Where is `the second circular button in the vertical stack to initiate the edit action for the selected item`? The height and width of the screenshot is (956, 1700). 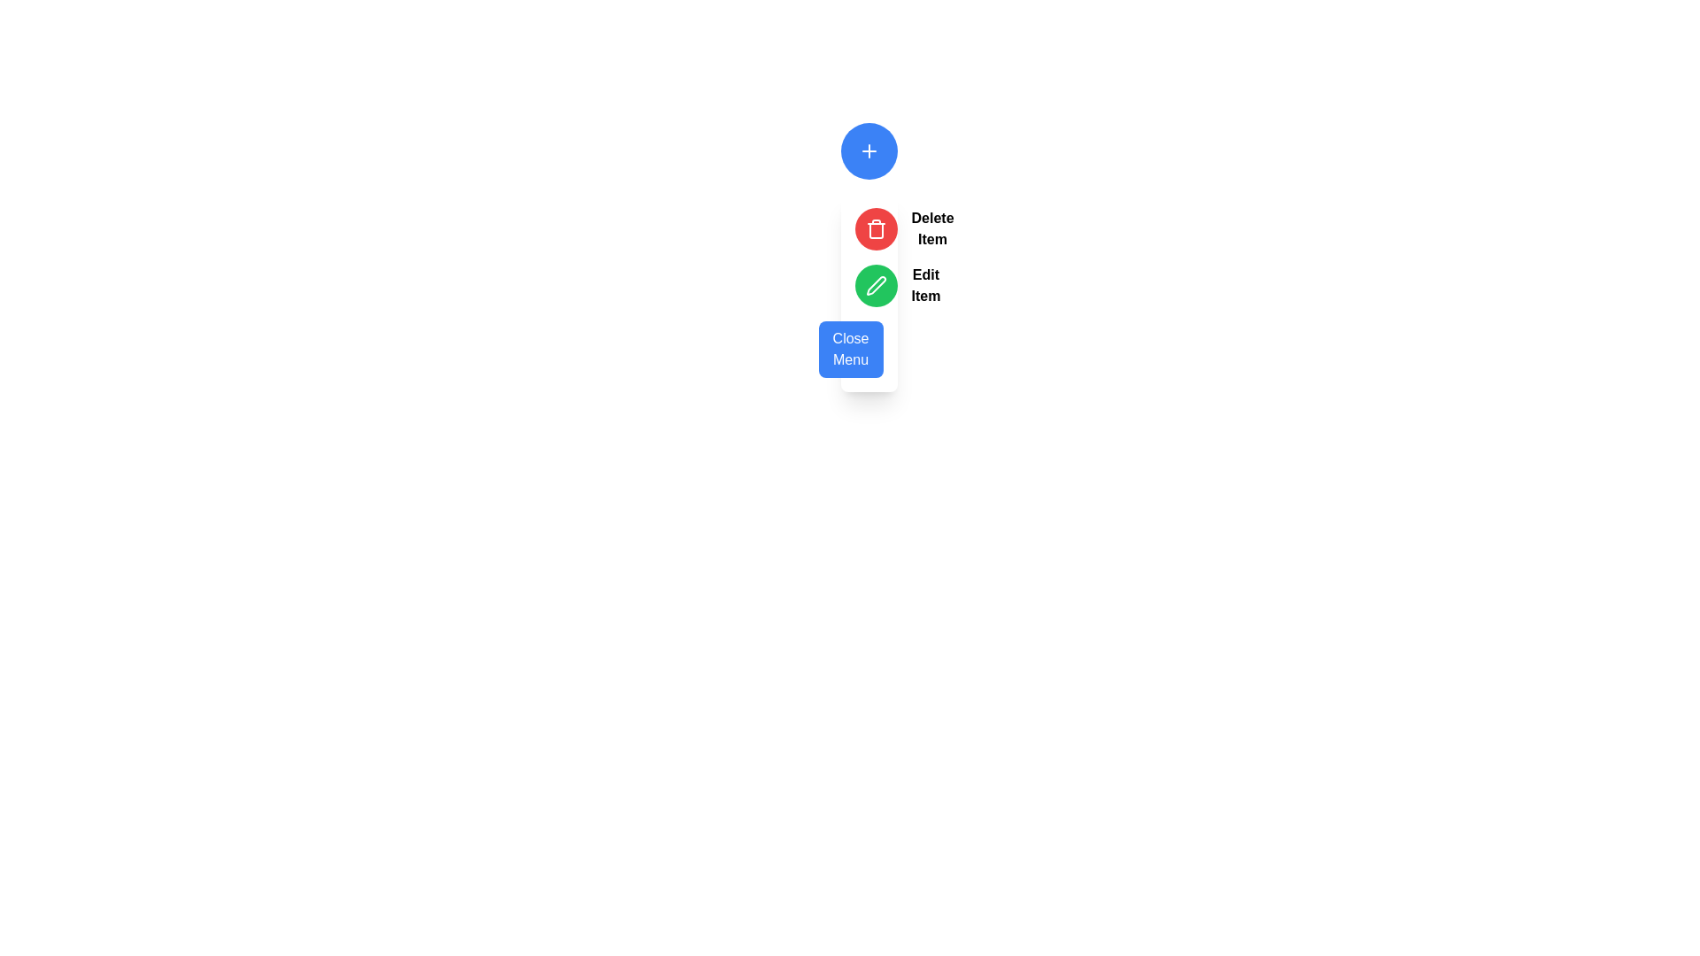
the second circular button in the vertical stack to initiate the edit action for the selected item is located at coordinates (876, 285).